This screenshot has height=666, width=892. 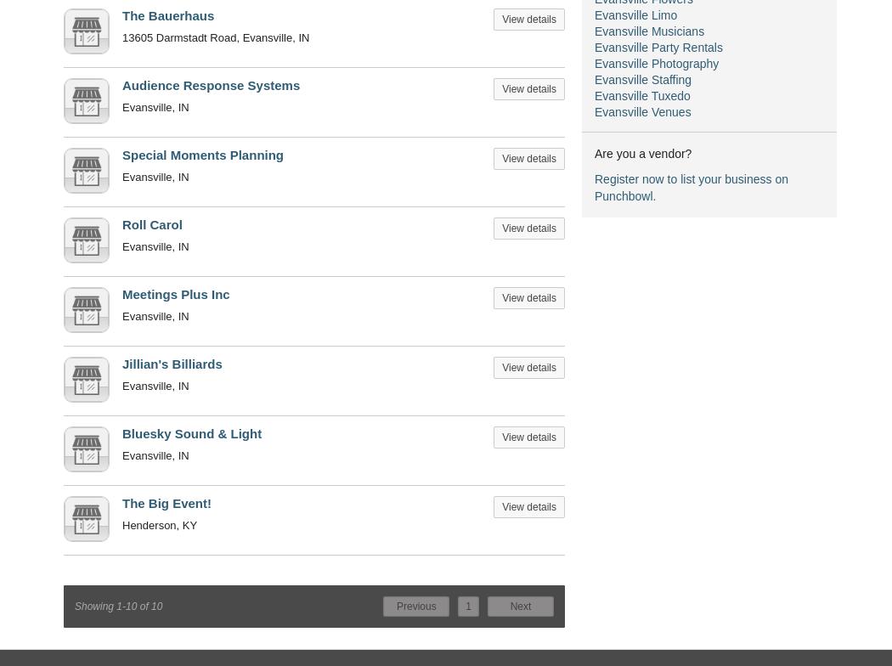 I want to click on 'Bluesky Sound & Light', so click(x=191, y=433).